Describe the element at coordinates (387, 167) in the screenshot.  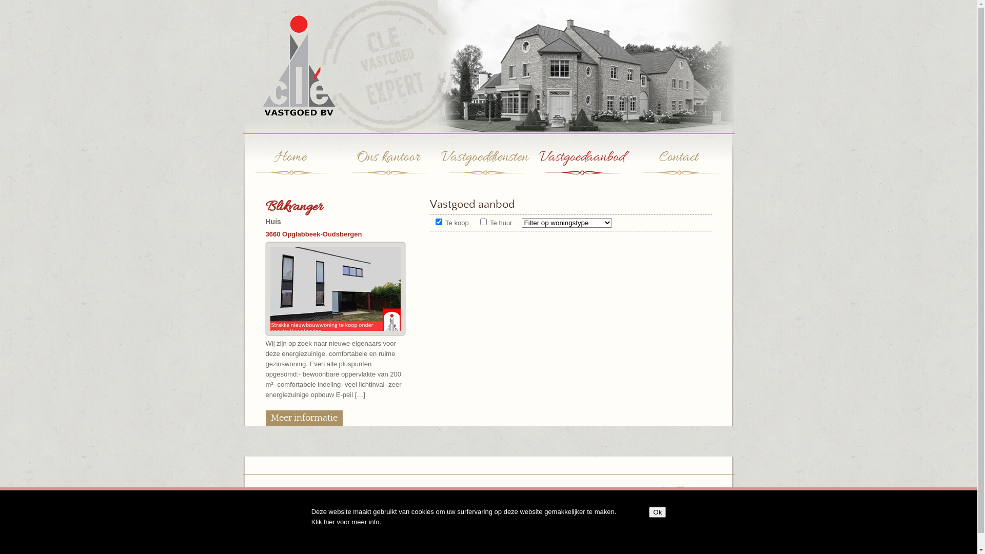
I see `'Ons kantoor'` at that location.